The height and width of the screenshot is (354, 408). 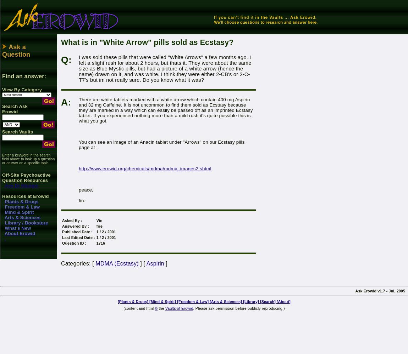 What do you see at coordinates (147, 42) in the screenshot?
I see `'What is in "White Arrow" pills sold as Ecstasy?'` at bounding box center [147, 42].